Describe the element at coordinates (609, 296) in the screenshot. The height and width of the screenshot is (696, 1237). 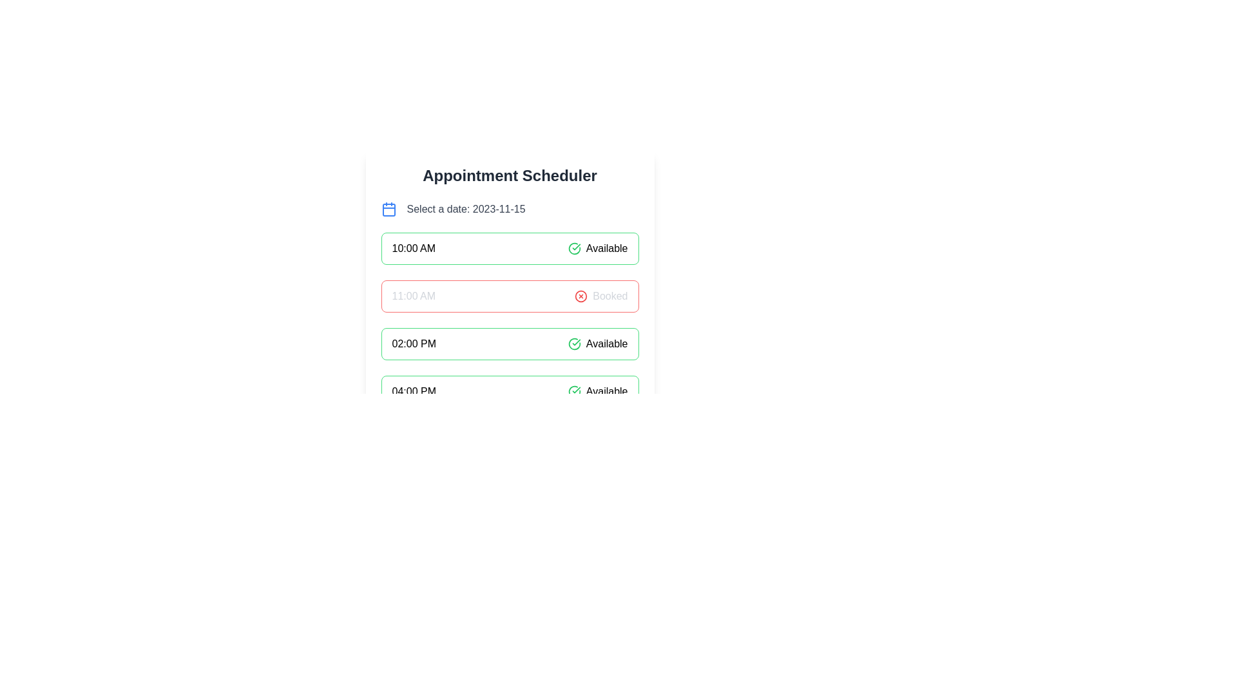
I see `the text label that says 'Booked', which is positioned on the right side of a red circular icon with an 'X' inside, within a horizontal layout next to the time slot '11:00 AM'` at that location.